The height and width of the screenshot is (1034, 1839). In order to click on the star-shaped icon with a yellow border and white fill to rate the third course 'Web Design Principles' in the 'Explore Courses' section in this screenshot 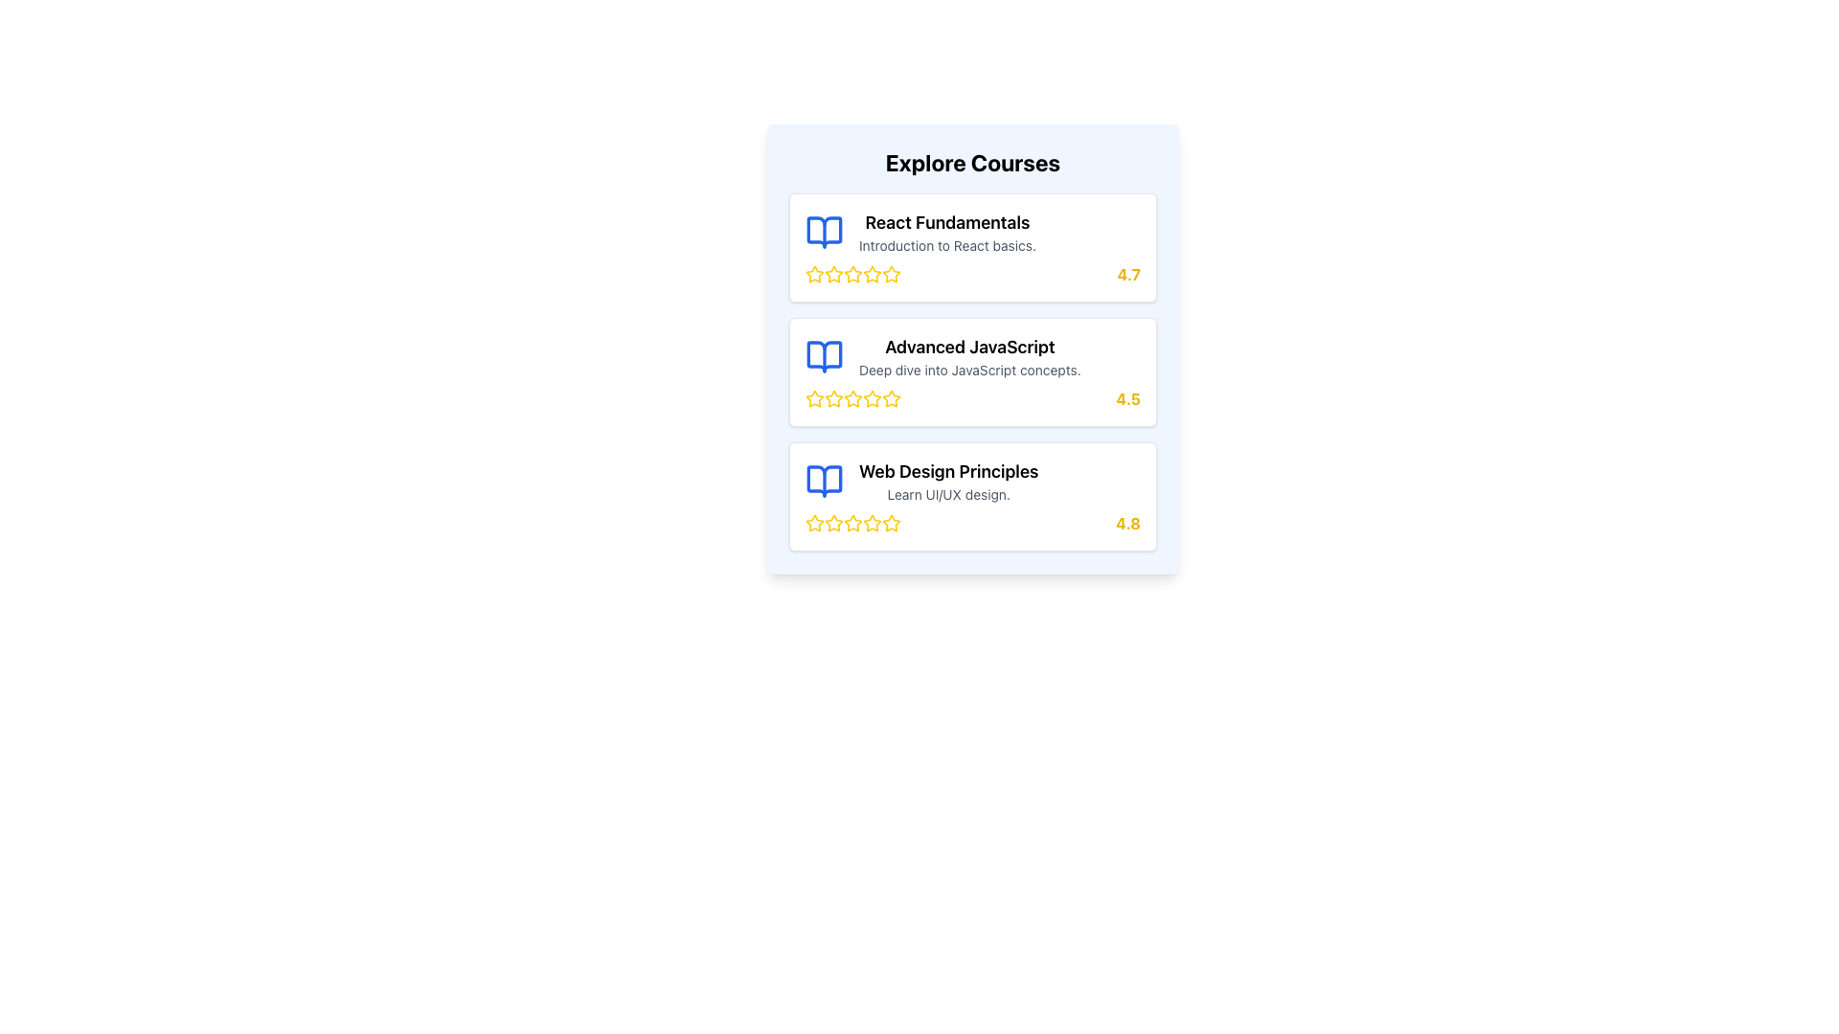, I will do `click(852, 523)`.